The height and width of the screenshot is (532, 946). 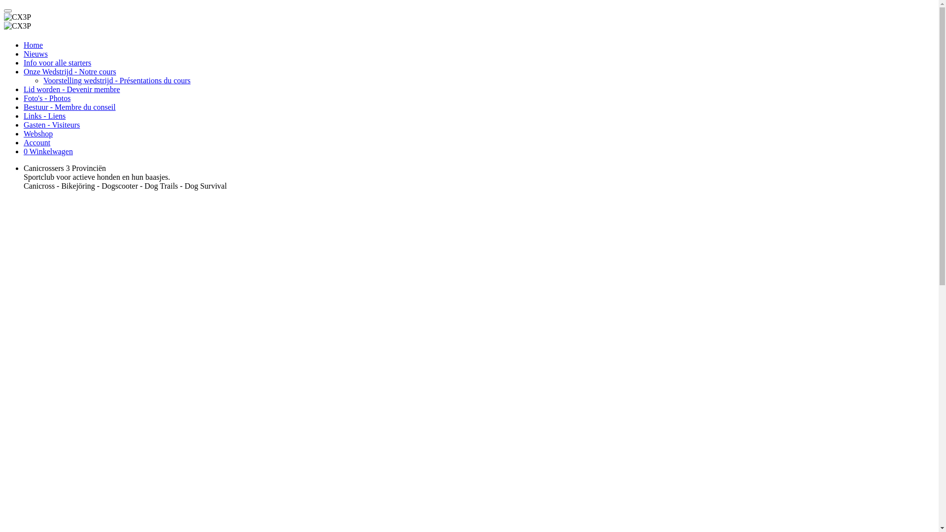 I want to click on 'Account', so click(x=37, y=142).